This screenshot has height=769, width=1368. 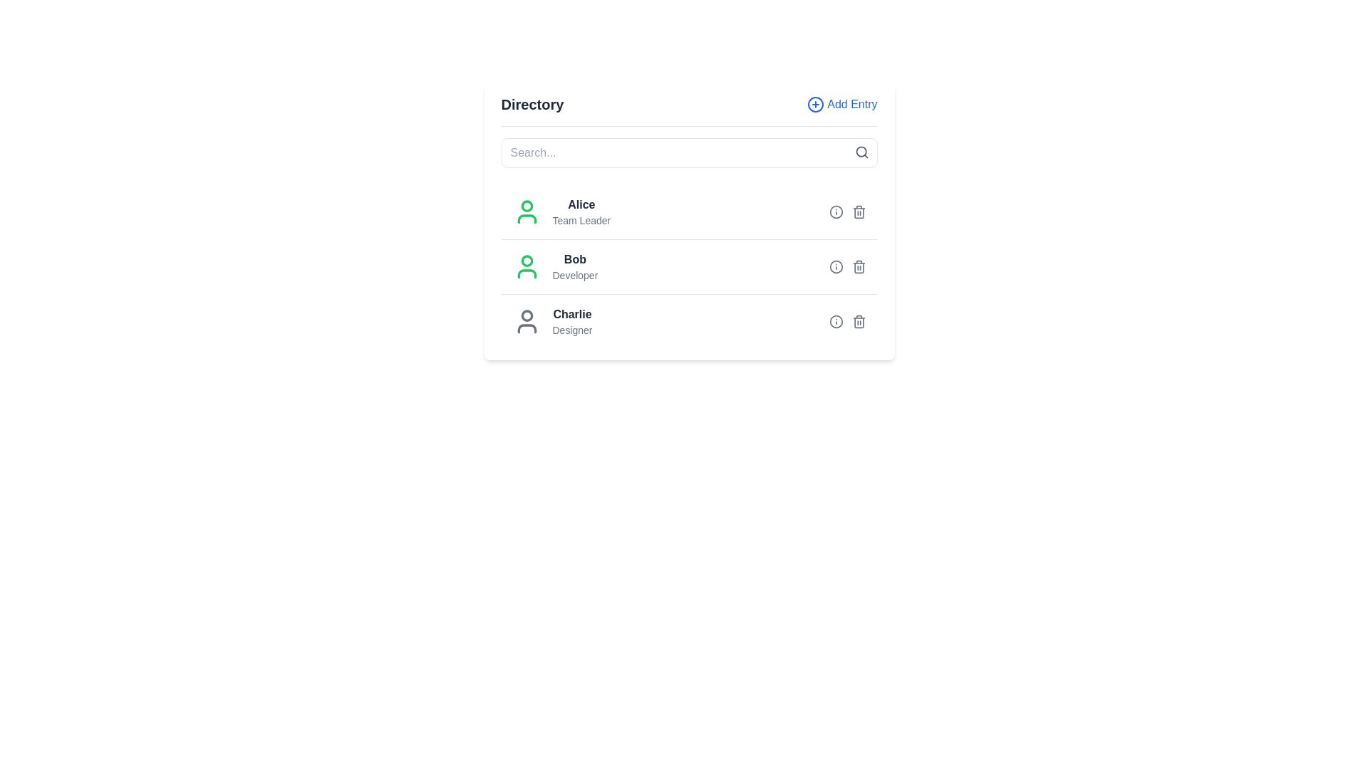 What do you see at coordinates (526, 266) in the screenshot?
I see `the profile icon representing 'Bob', located to the left of the name and designation in the user directory` at bounding box center [526, 266].